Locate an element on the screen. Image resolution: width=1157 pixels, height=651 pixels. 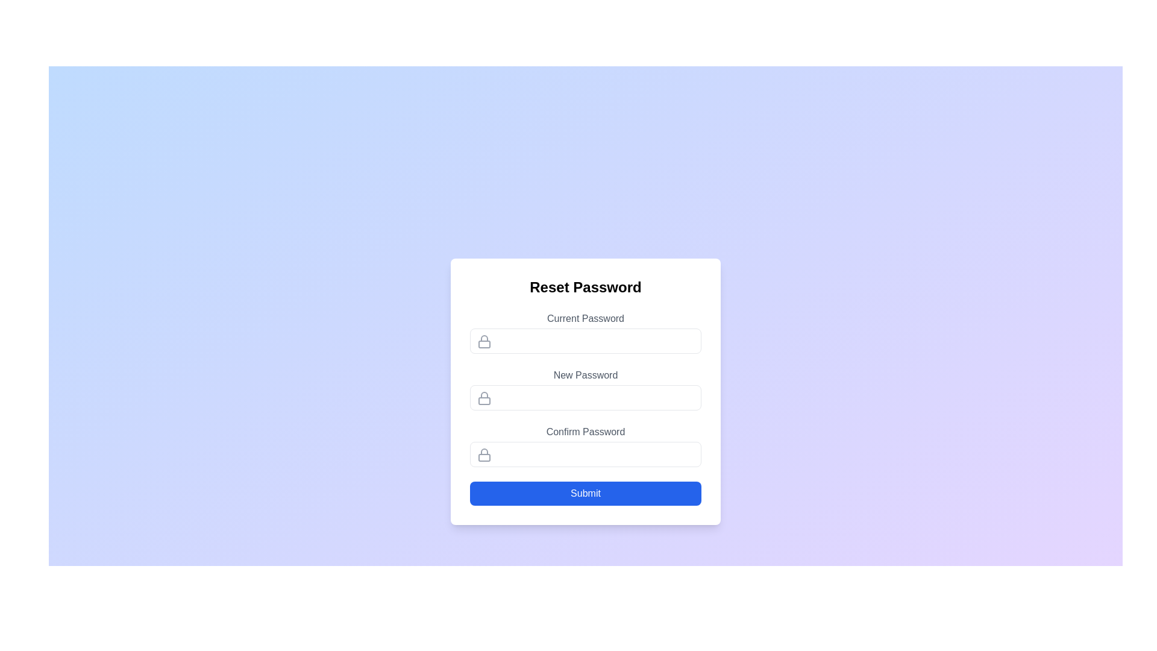
the upper arc part of the lock icon located within the password input field labeled 'Current Password' is located at coordinates (484, 338).